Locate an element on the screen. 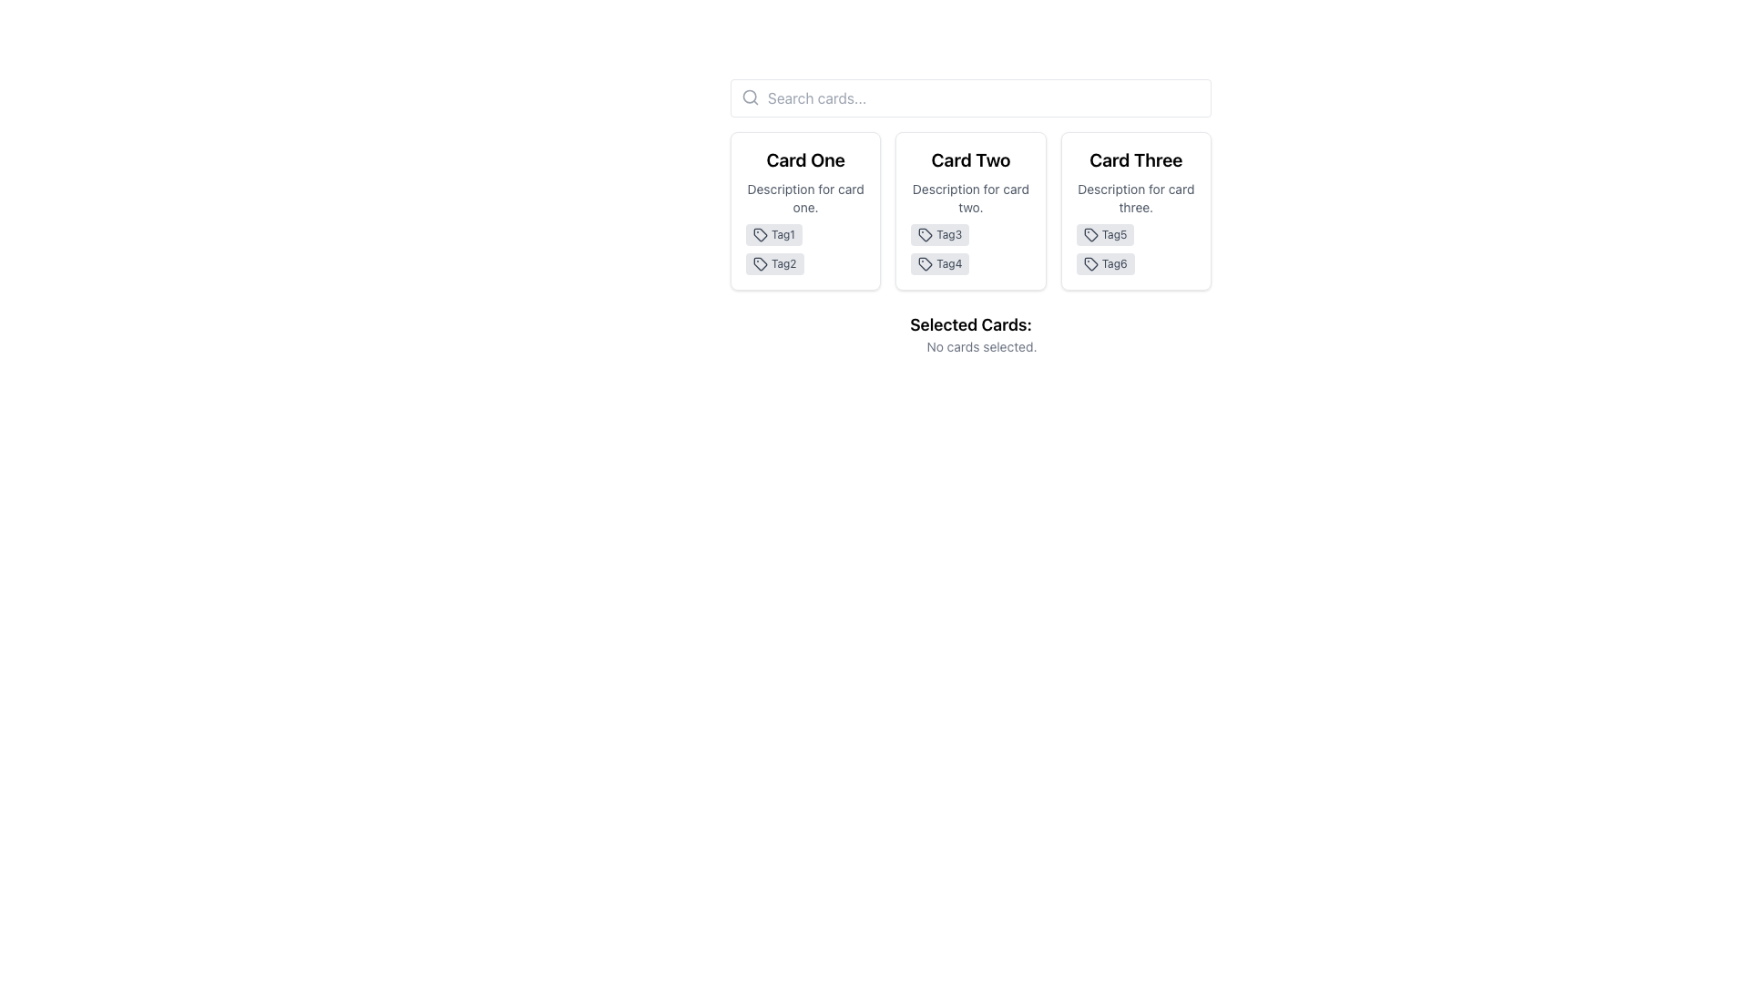  the tag icon next to the 'Tag5' label located within the third card labeled 'Card Three' is located at coordinates (1090, 234).